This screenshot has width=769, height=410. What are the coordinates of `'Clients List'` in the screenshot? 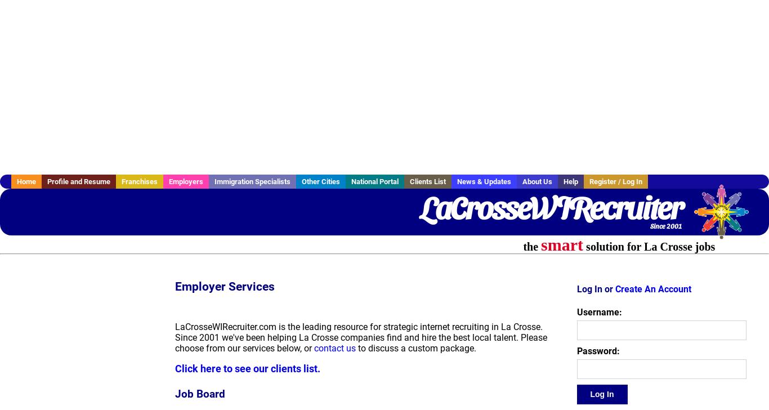 It's located at (428, 181).